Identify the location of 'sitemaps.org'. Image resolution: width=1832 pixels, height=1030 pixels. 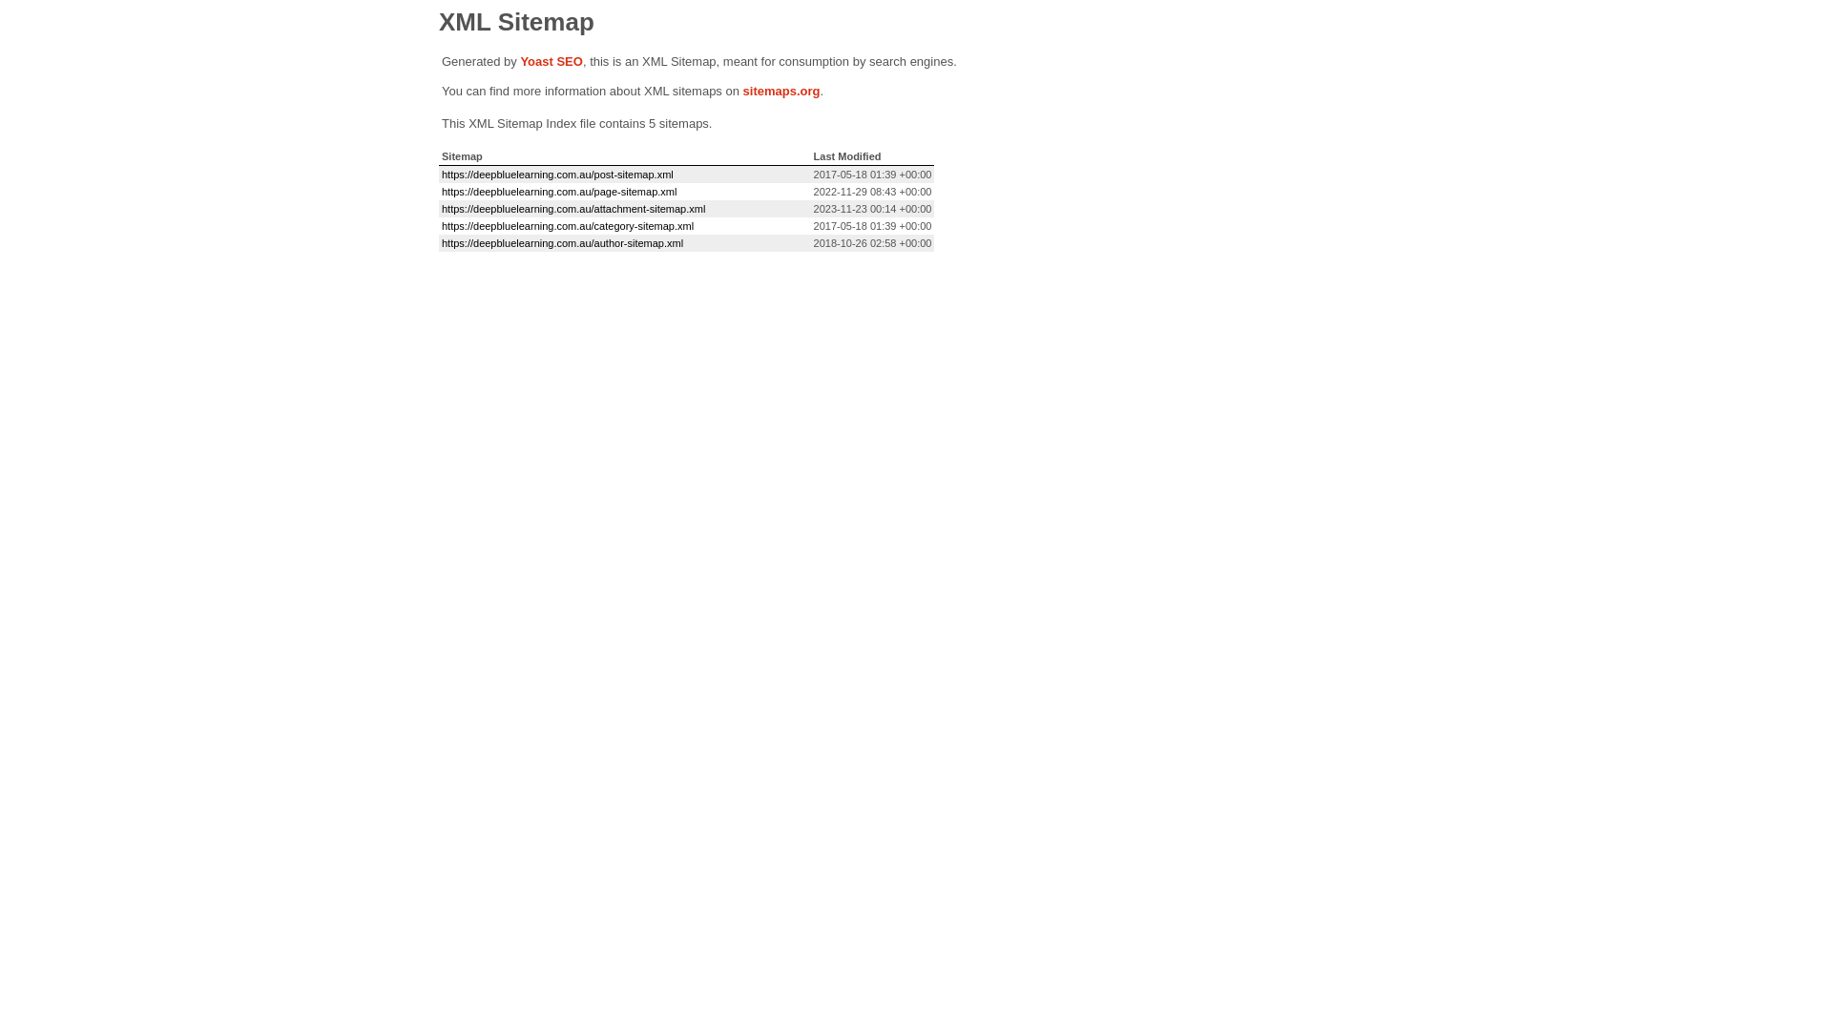
(781, 91).